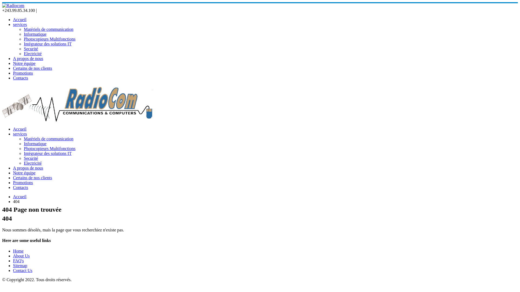 This screenshot has width=520, height=292. Describe the element at coordinates (20, 265) in the screenshot. I see `'Sitemap'` at that location.